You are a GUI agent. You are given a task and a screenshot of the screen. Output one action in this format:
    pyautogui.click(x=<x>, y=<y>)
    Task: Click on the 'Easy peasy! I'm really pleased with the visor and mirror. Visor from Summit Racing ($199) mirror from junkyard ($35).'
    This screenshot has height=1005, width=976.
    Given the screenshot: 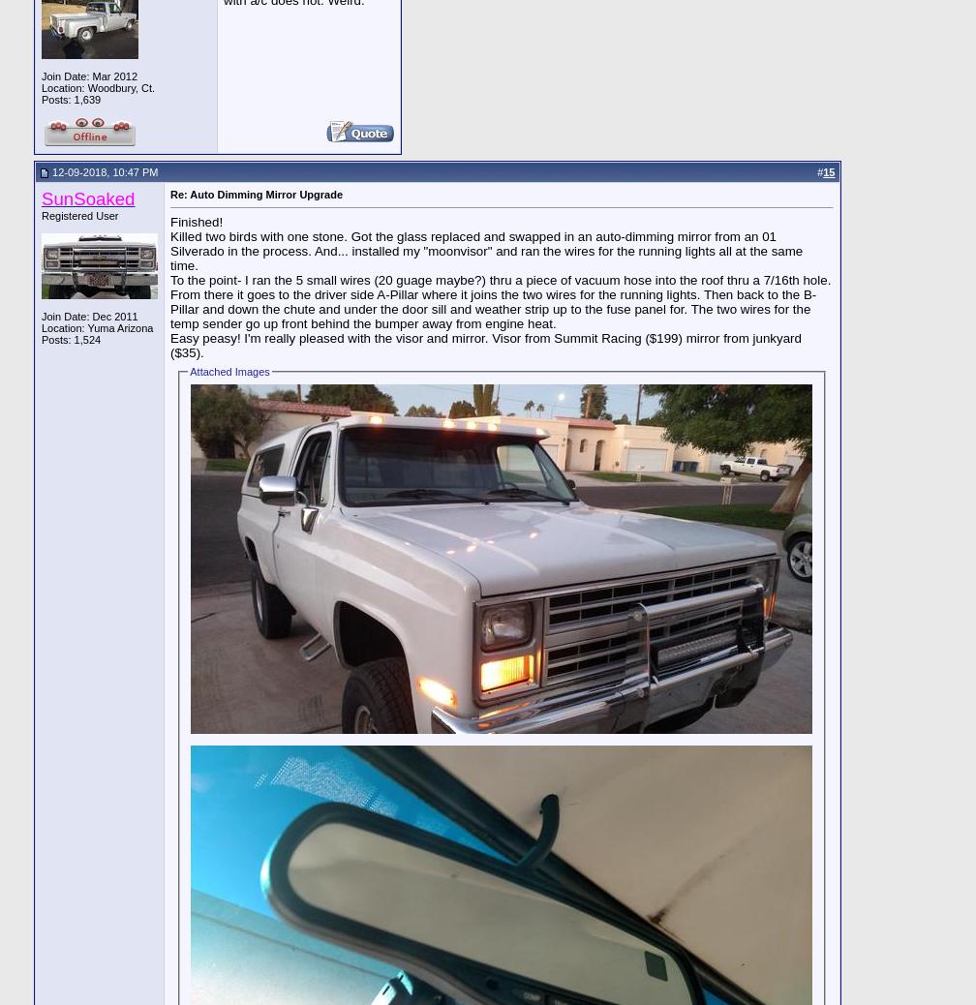 What is the action you would take?
    pyautogui.click(x=485, y=345)
    